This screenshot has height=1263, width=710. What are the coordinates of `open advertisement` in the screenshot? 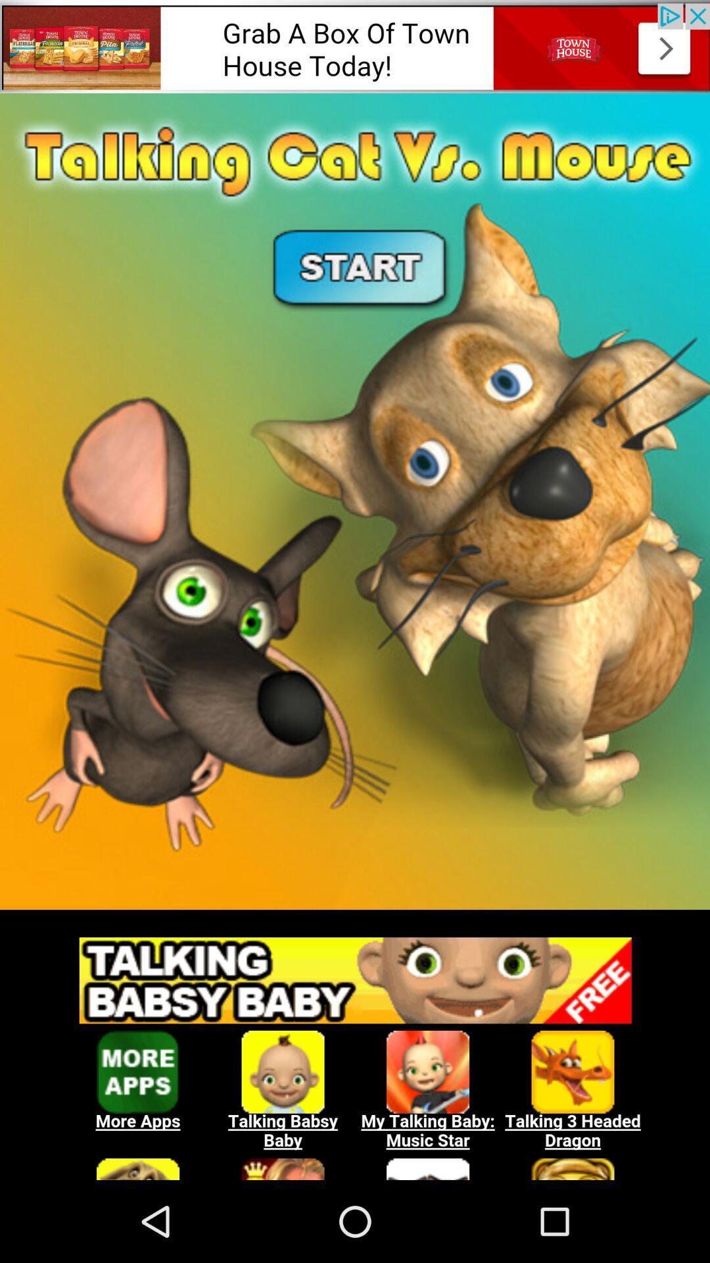 It's located at (355, 46).